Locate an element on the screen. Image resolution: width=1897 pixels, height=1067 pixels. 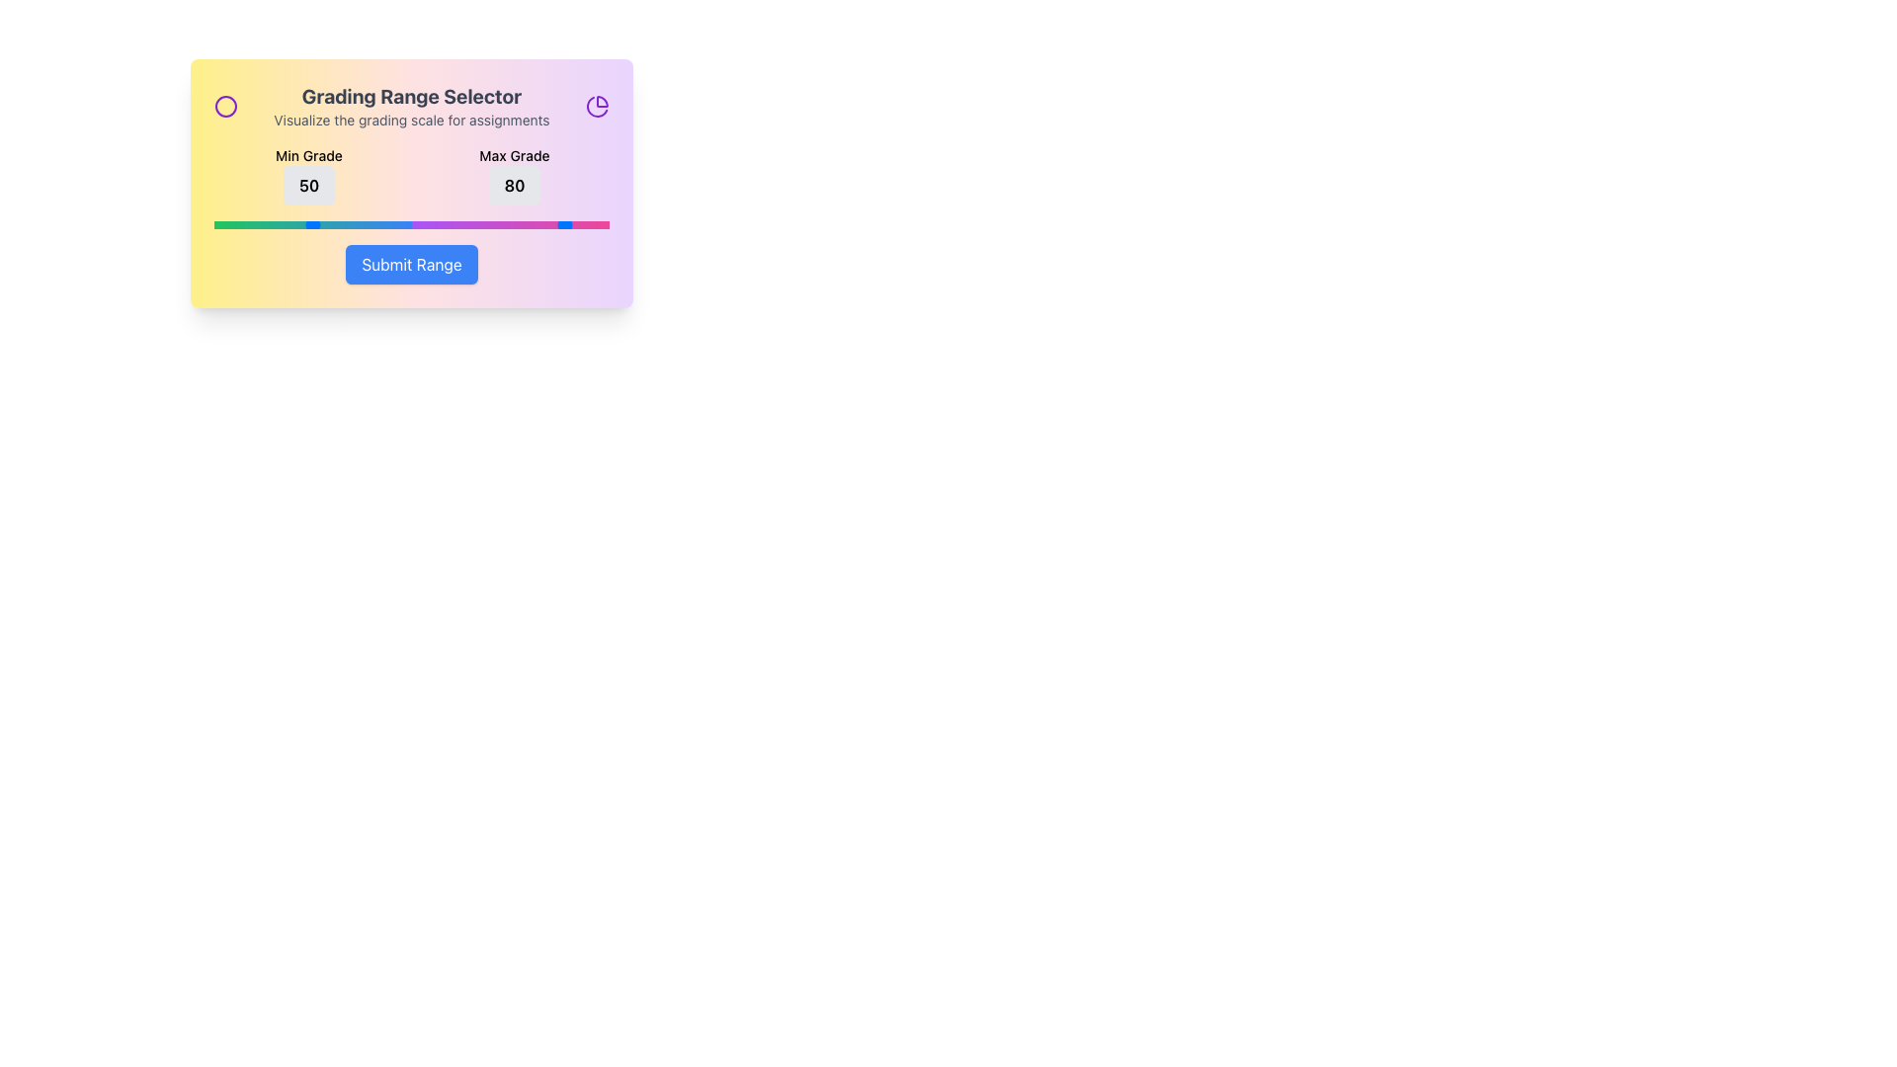
the slider value is located at coordinates (430, 223).